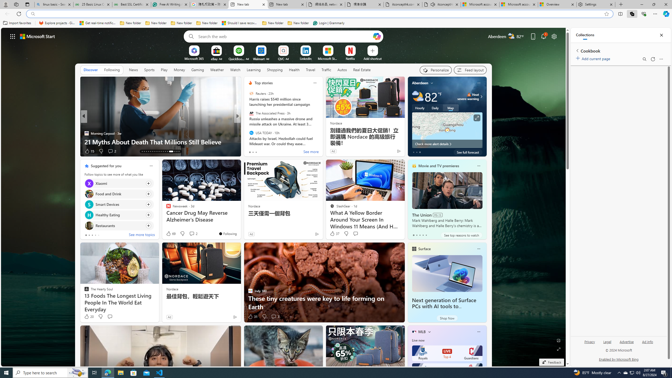 The height and width of the screenshot is (378, 672). I want to click on 'Gaming', so click(198, 70).